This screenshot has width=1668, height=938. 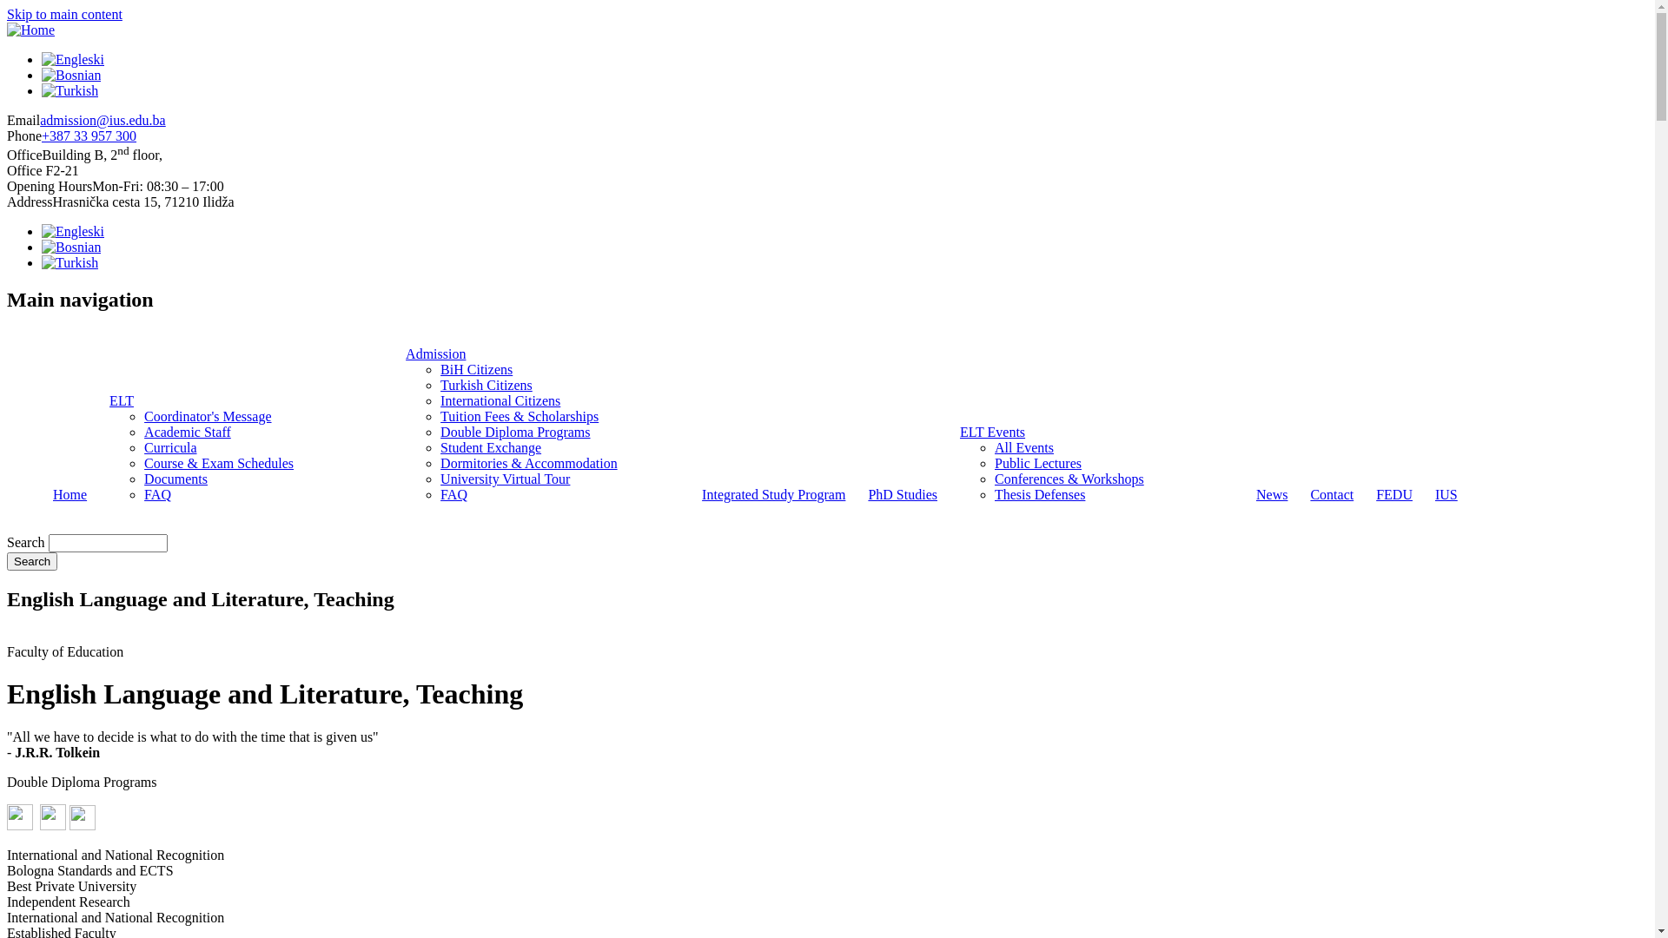 I want to click on 'Thesis Defenses', so click(x=1039, y=494).